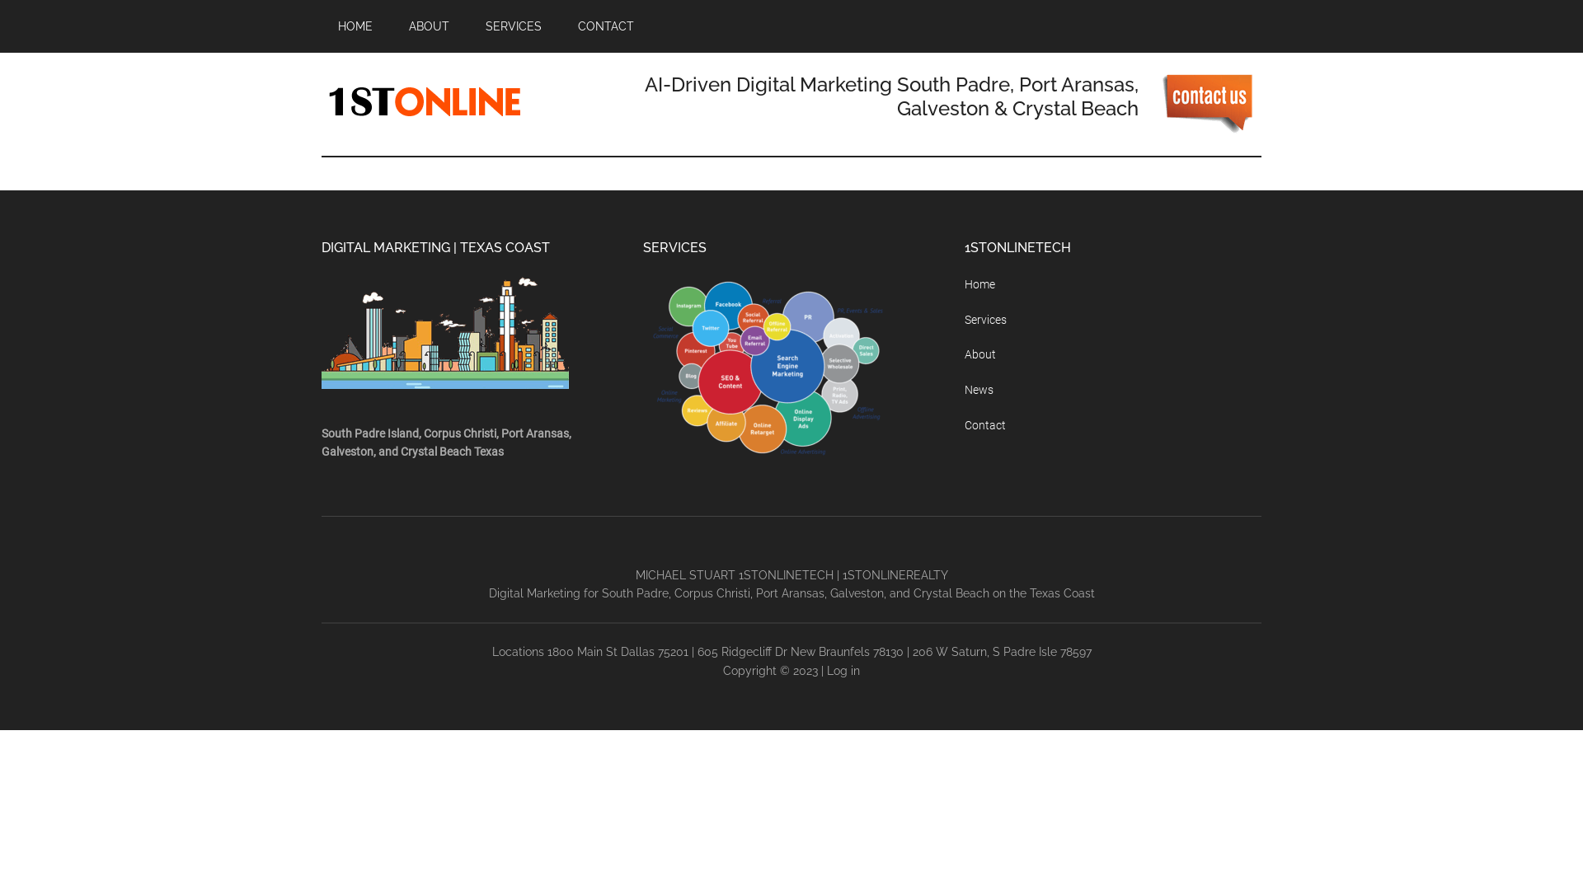  I want to click on 'Services', so click(985, 320).